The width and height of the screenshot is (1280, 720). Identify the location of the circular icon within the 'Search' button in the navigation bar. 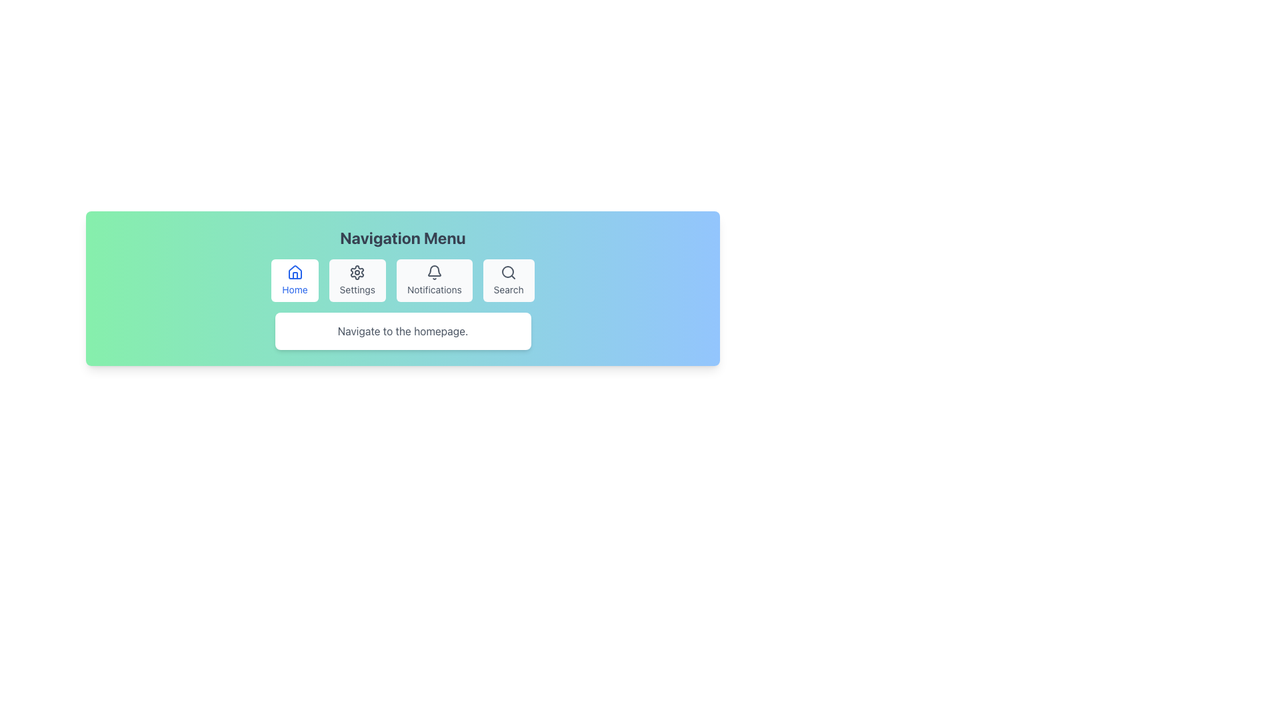
(507, 271).